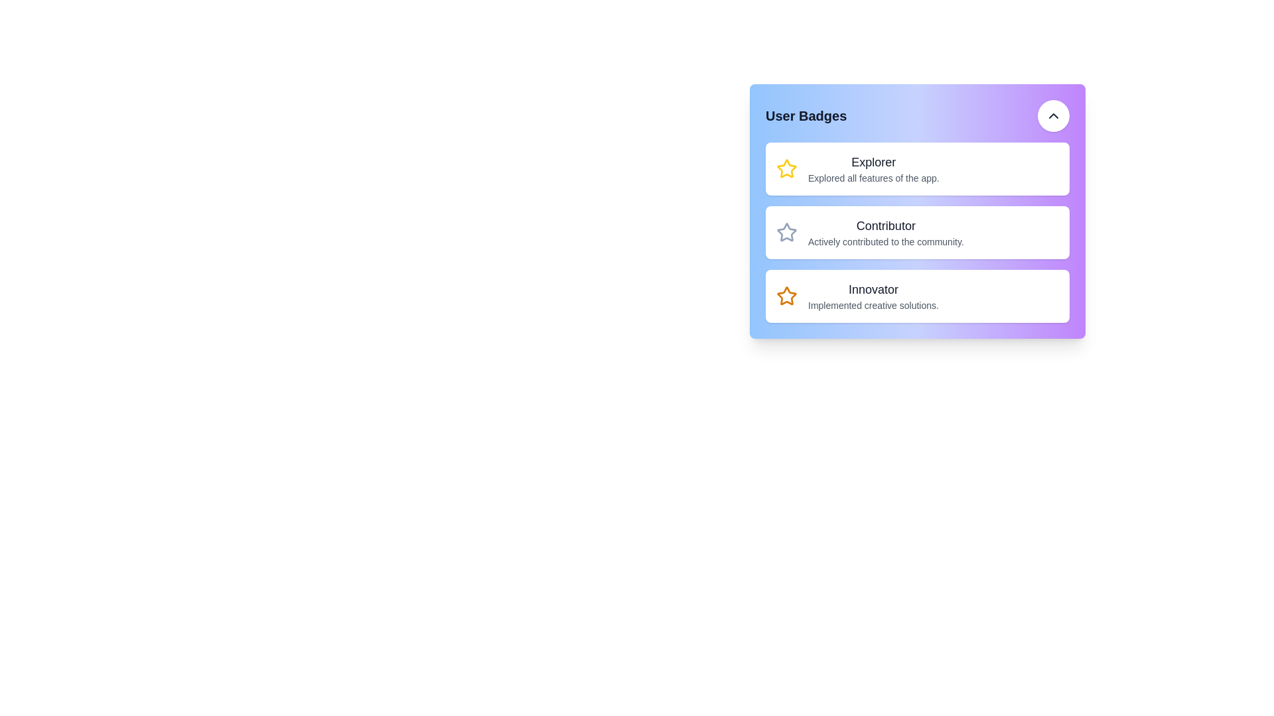 The image size is (1274, 716). I want to click on the star icon located in the left section of the 'Contributor' badge row, adjacent to the text label 'Contributor', so click(786, 232).